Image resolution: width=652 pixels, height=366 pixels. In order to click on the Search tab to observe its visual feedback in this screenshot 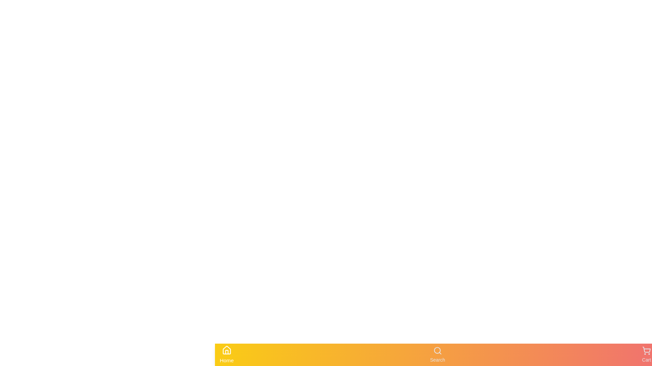, I will do `click(437, 354)`.